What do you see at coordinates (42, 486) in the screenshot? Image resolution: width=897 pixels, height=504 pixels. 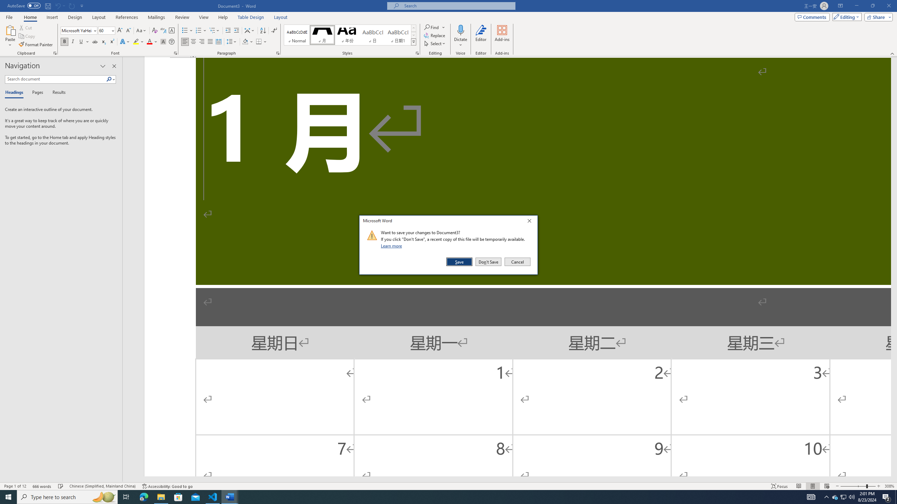 I see `'Word Count 666 words'` at bounding box center [42, 486].